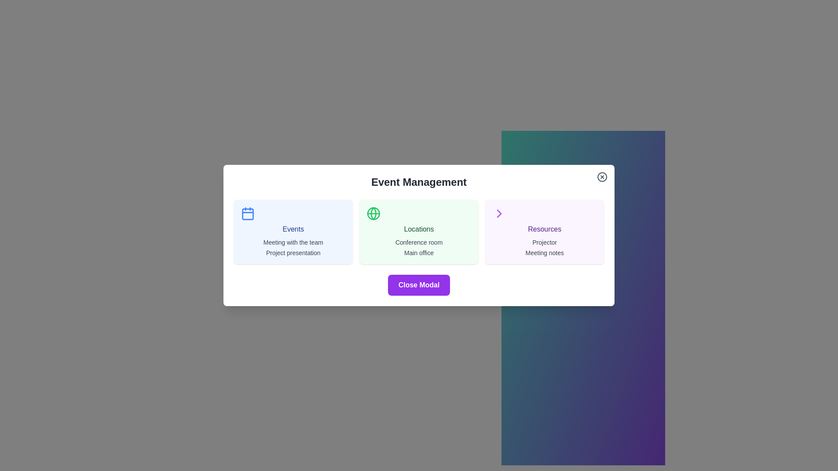 This screenshot has height=471, width=838. What do you see at coordinates (293, 253) in the screenshot?
I see `text displayed in the second line of the 'Events' card, which is positioned directly below 'Meeting with the team' and relates to 'Projects'` at bounding box center [293, 253].